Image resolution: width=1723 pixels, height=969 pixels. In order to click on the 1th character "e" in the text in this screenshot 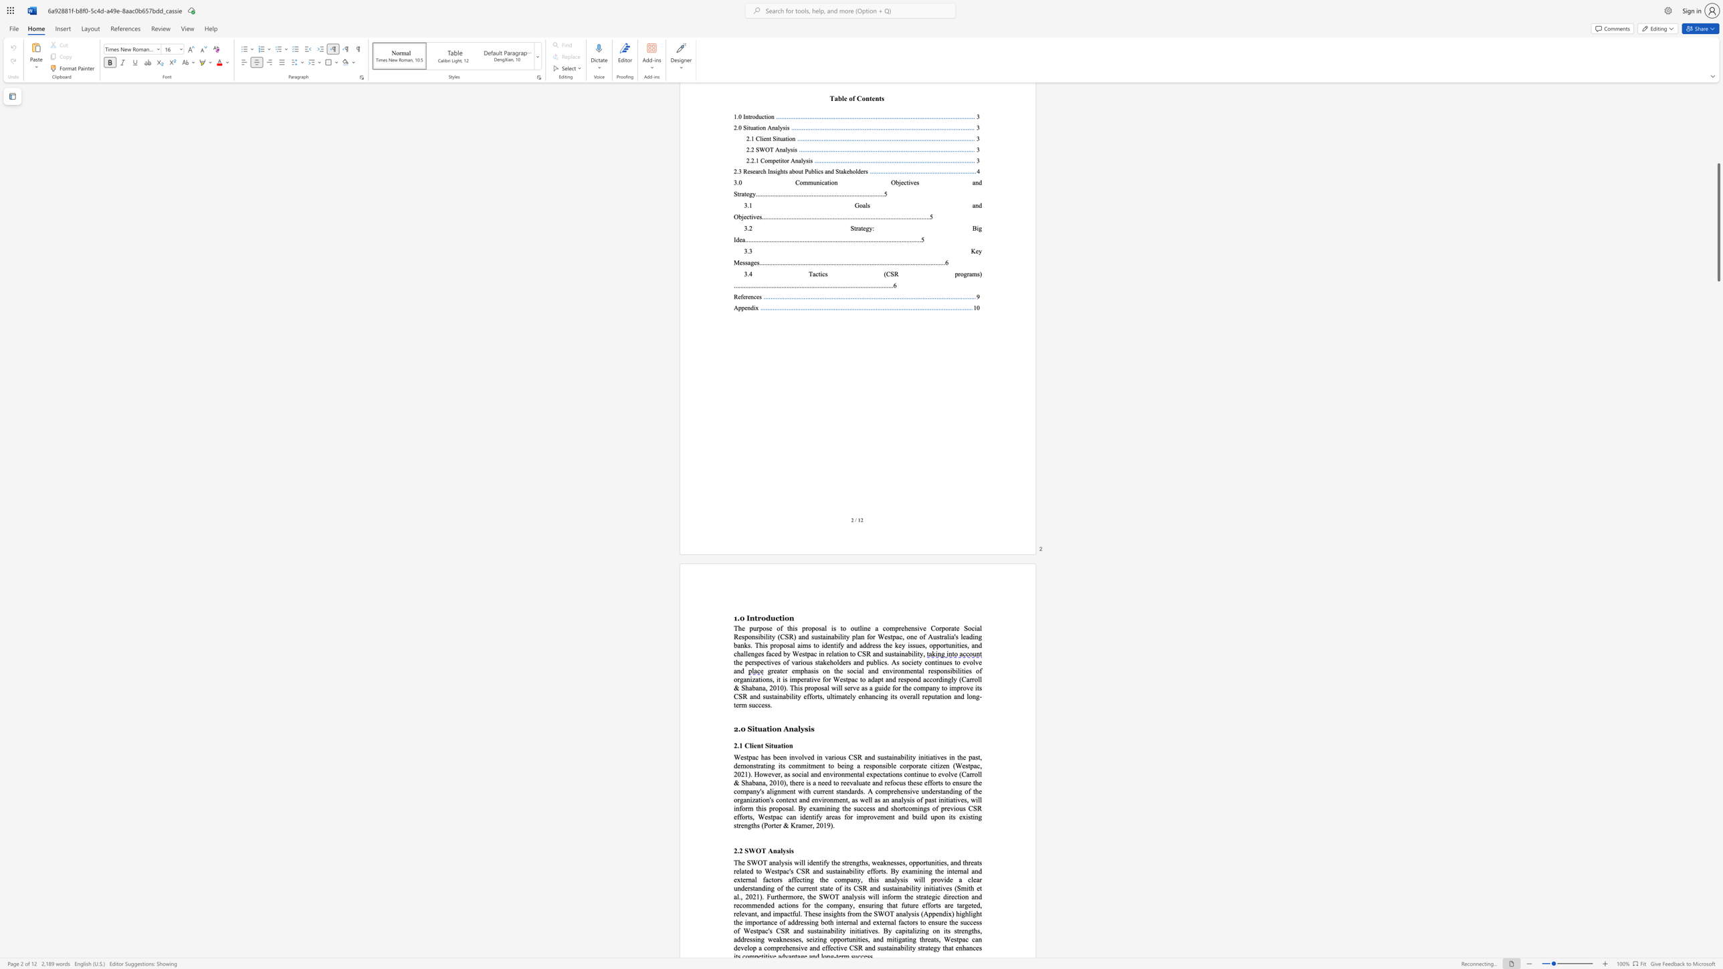, I will do `click(754, 745)`.